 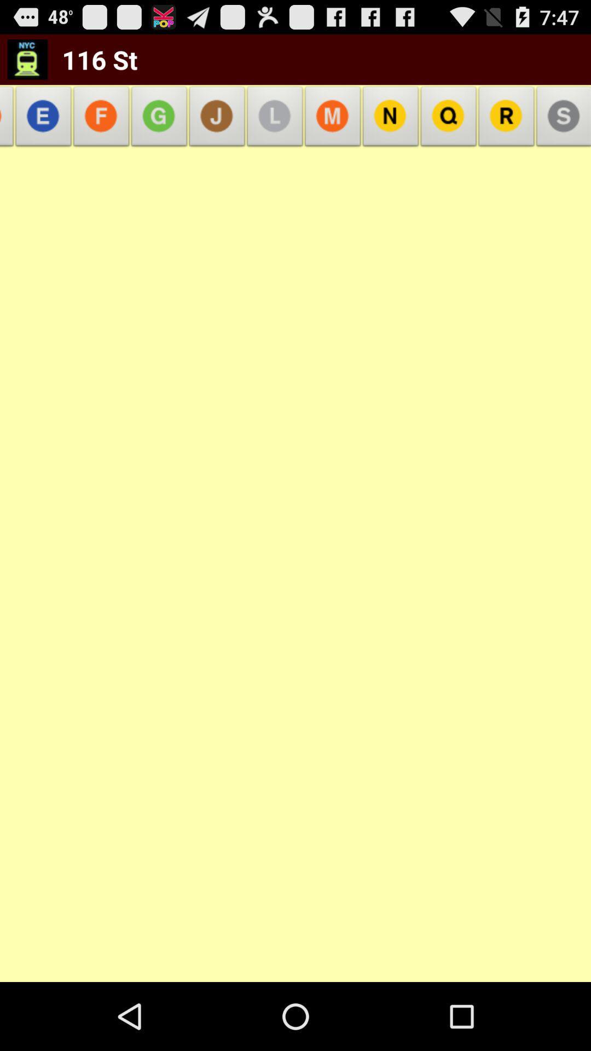 I want to click on item below 116 st app, so click(x=101, y=119).